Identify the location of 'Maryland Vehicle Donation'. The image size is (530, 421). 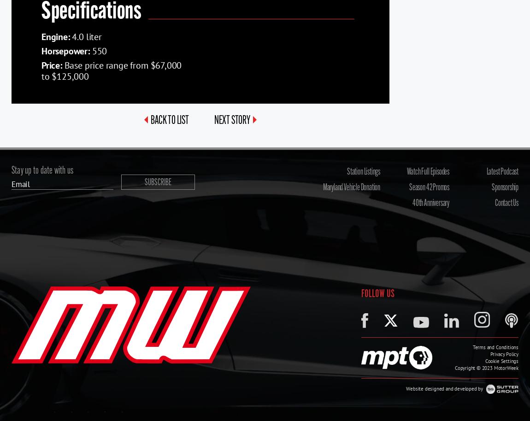
(351, 187).